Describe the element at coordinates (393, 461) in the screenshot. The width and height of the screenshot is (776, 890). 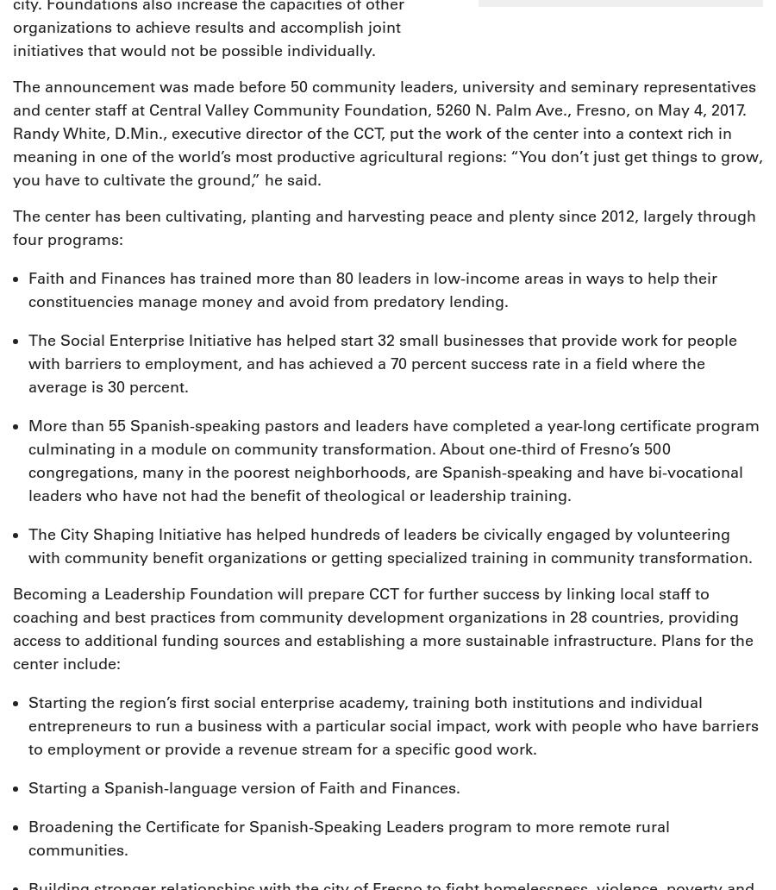
I see `'More than 55 Spanish-speaking pastors and leaders have completed a year-long certificate program culminating in a module on community transformation. About one-third of Fresno’s 500 congregations, many in the poorest neighborhoods, are Spanish-speaking and have bi-vocational leaders who have not had the benefit of theological or leadership training.'` at that location.